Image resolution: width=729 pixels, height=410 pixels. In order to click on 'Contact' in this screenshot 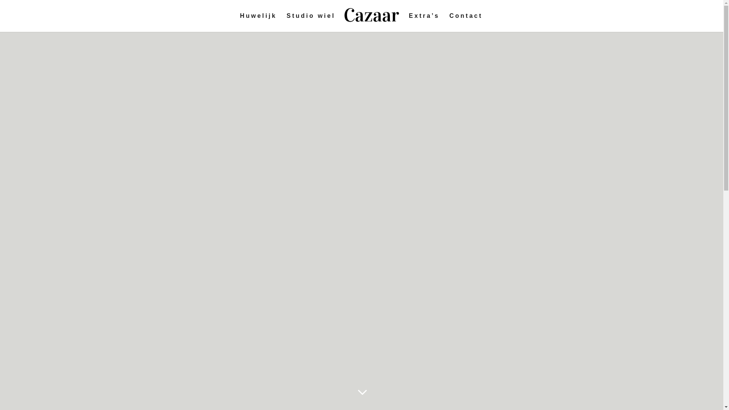, I will do `click(466, 22)`.